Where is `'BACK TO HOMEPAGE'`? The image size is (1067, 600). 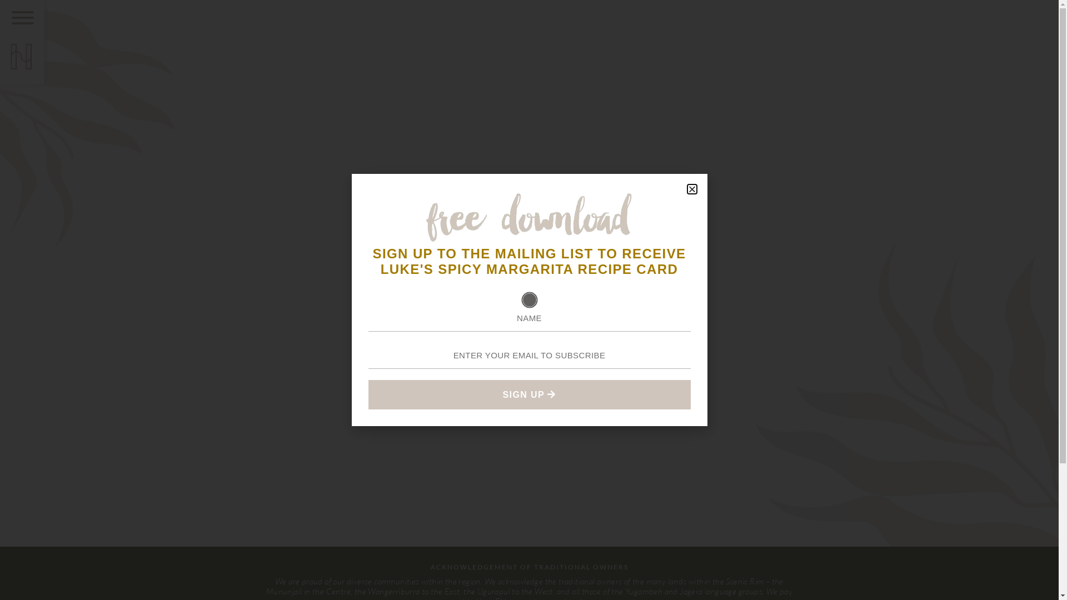 'BACK TO HOMEPAGE' is located at coordinates (528, 331).